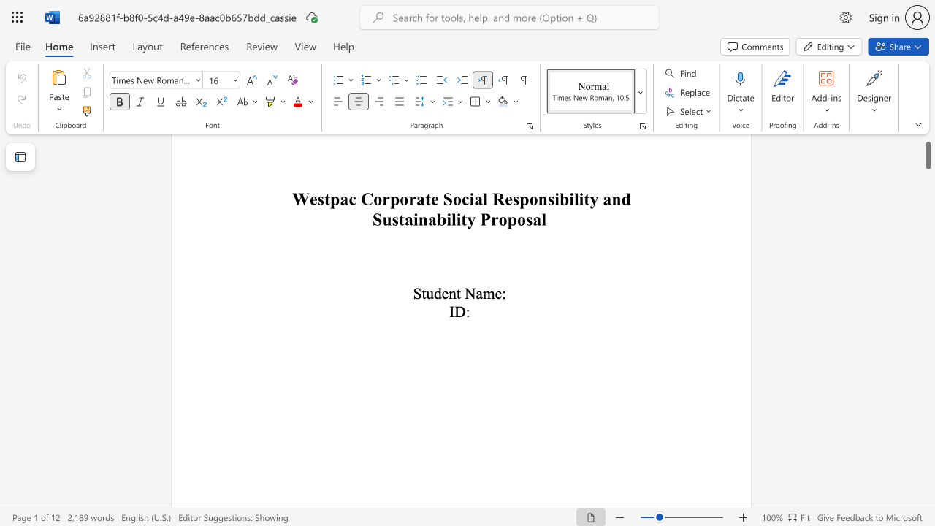  What do you see at coordinates (542, 199) in the screenshot?
I see `the 1th character "n" in the text` at bounding box center [542, 199].